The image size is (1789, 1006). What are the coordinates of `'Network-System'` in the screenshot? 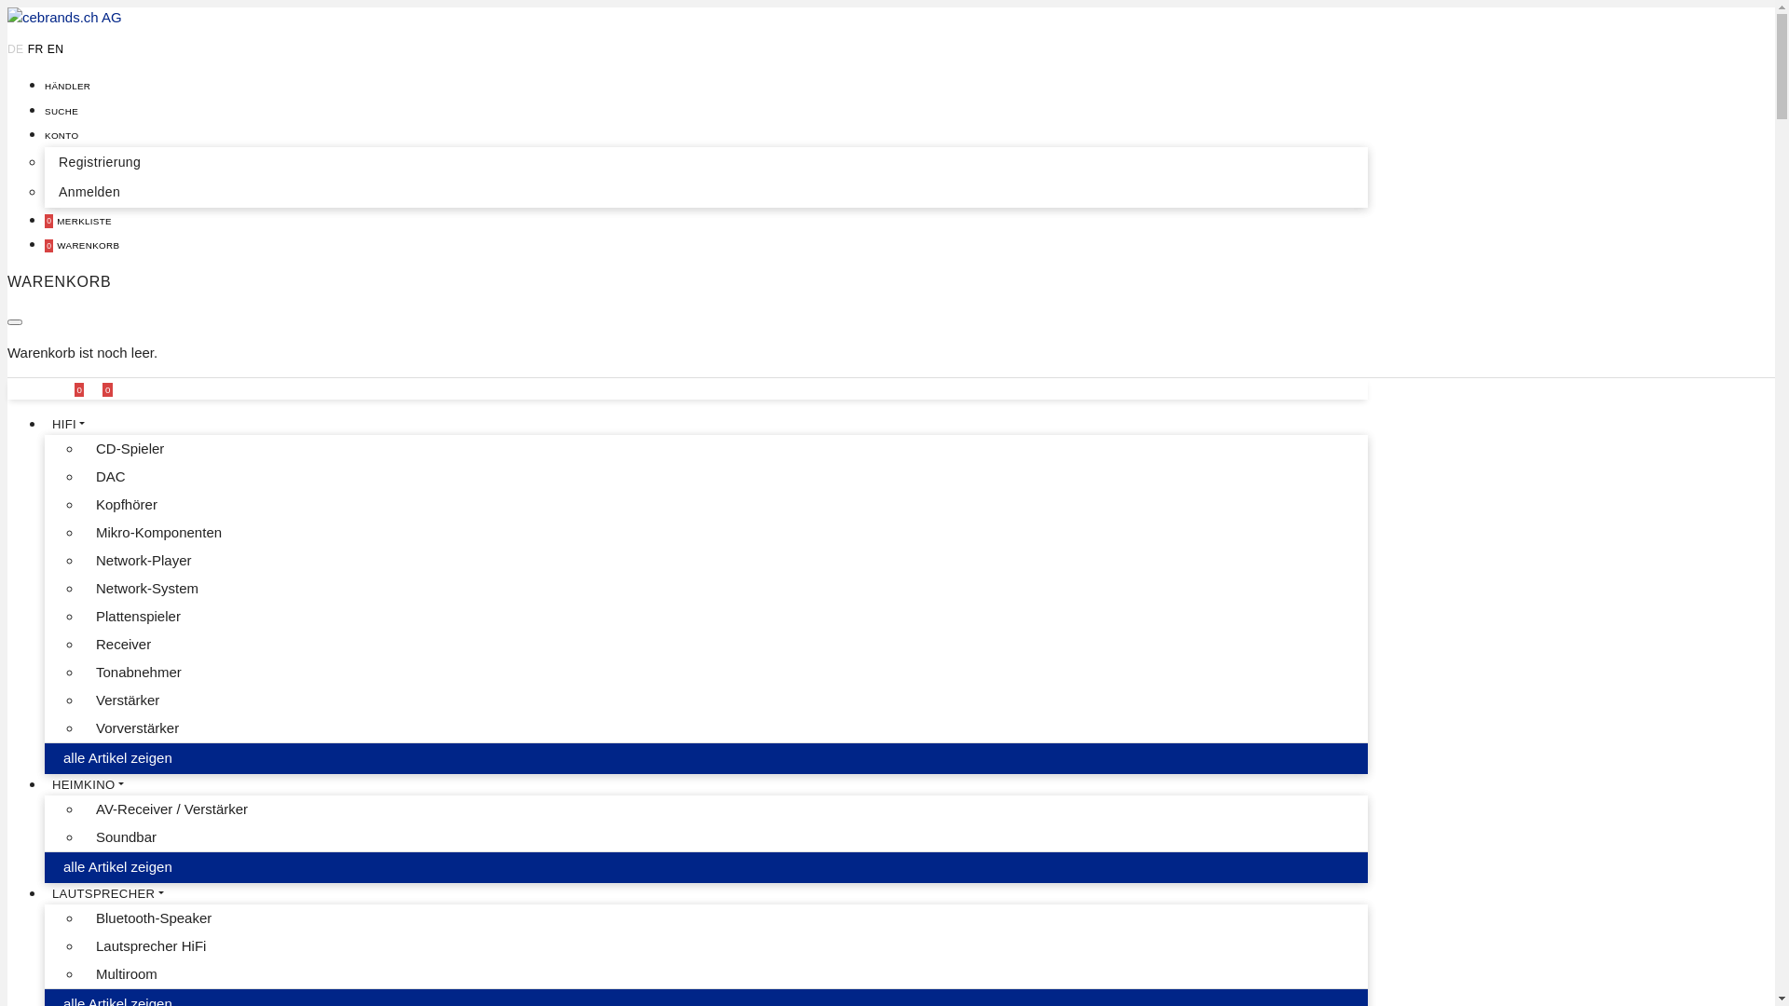 It's located at (80, 589).